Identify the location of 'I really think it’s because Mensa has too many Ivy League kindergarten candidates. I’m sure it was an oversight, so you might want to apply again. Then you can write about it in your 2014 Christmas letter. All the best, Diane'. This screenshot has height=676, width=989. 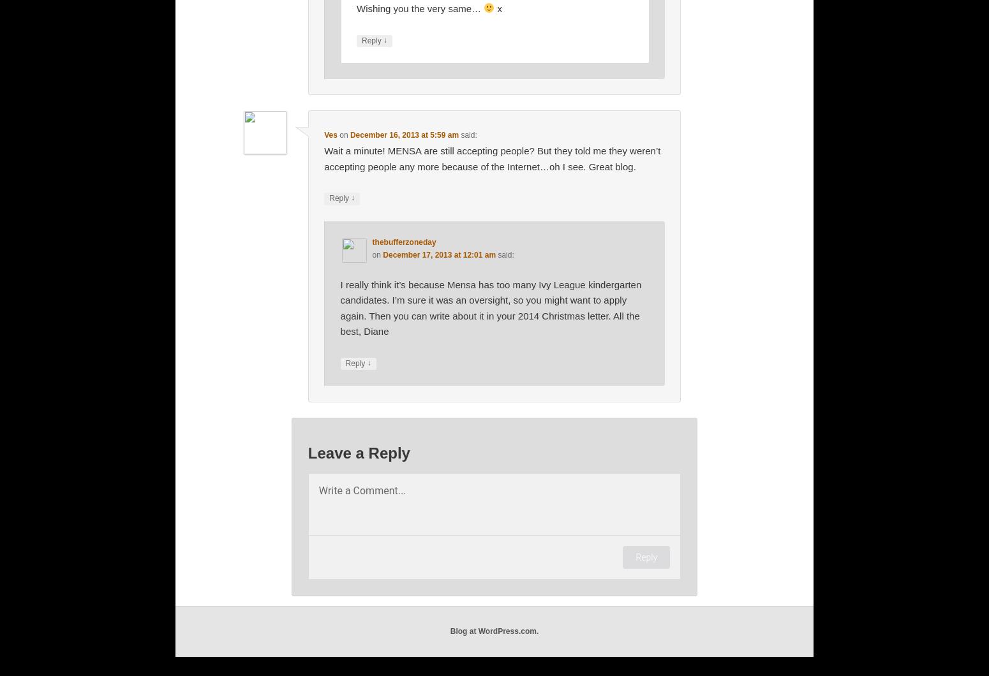
(490, 306).